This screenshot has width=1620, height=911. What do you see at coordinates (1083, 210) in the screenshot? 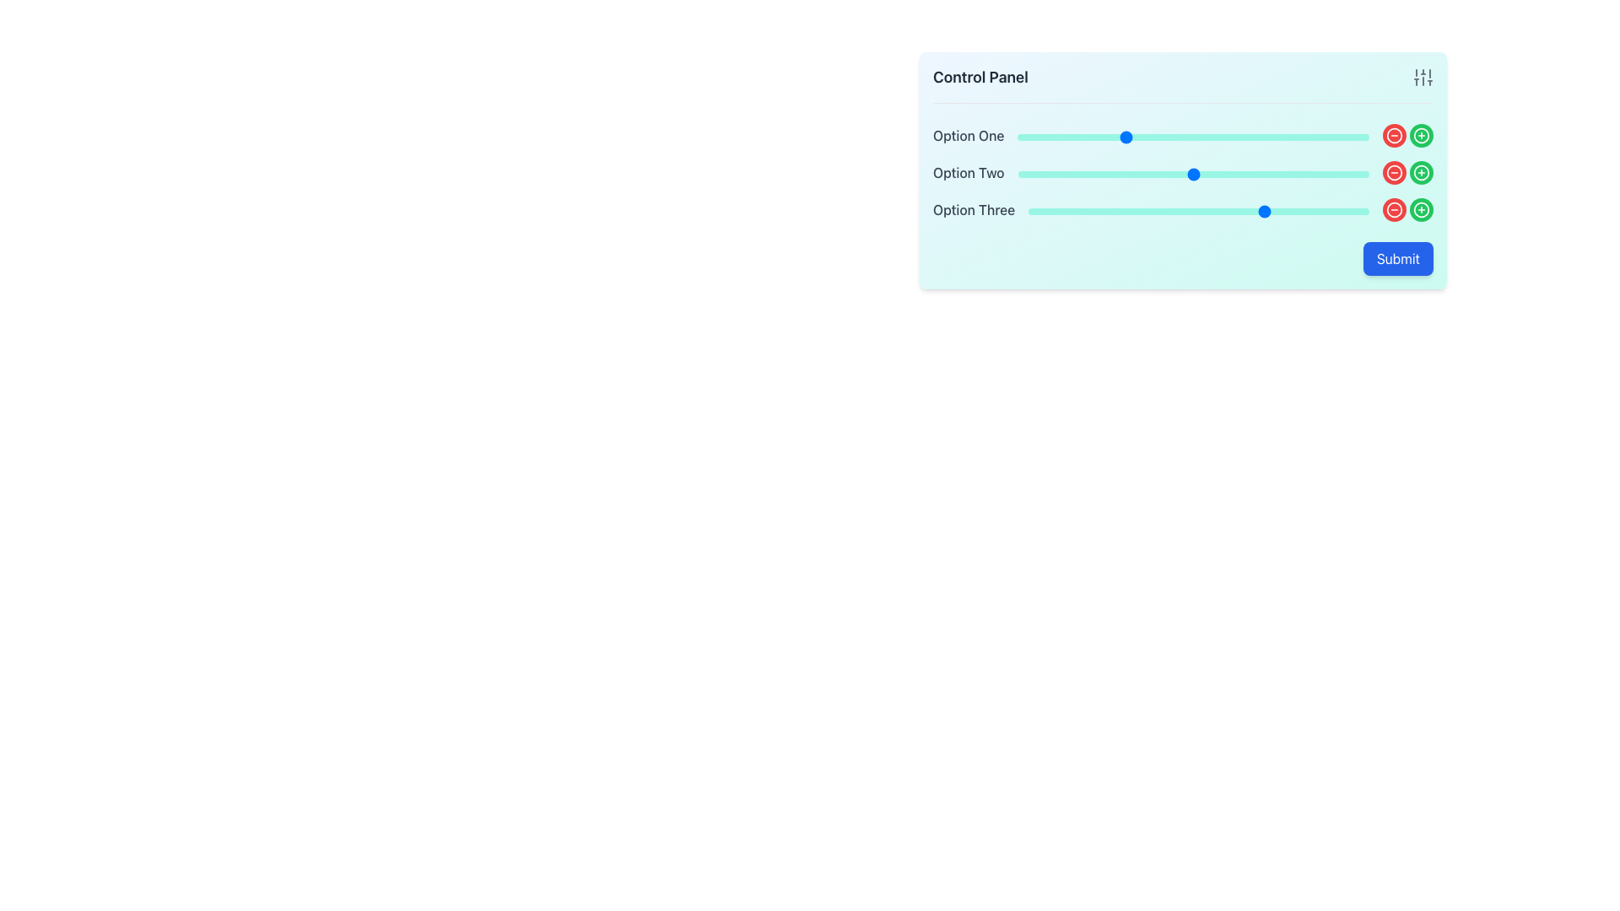
I see `the slider value` at bounding box center [1083, 210].